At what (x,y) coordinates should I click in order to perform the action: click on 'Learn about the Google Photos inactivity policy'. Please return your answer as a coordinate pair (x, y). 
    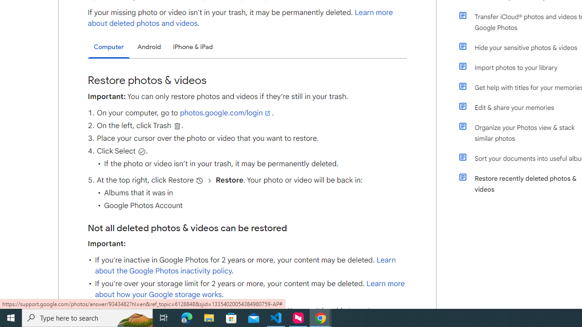
    Looking at the image, I should click on (245, 266).